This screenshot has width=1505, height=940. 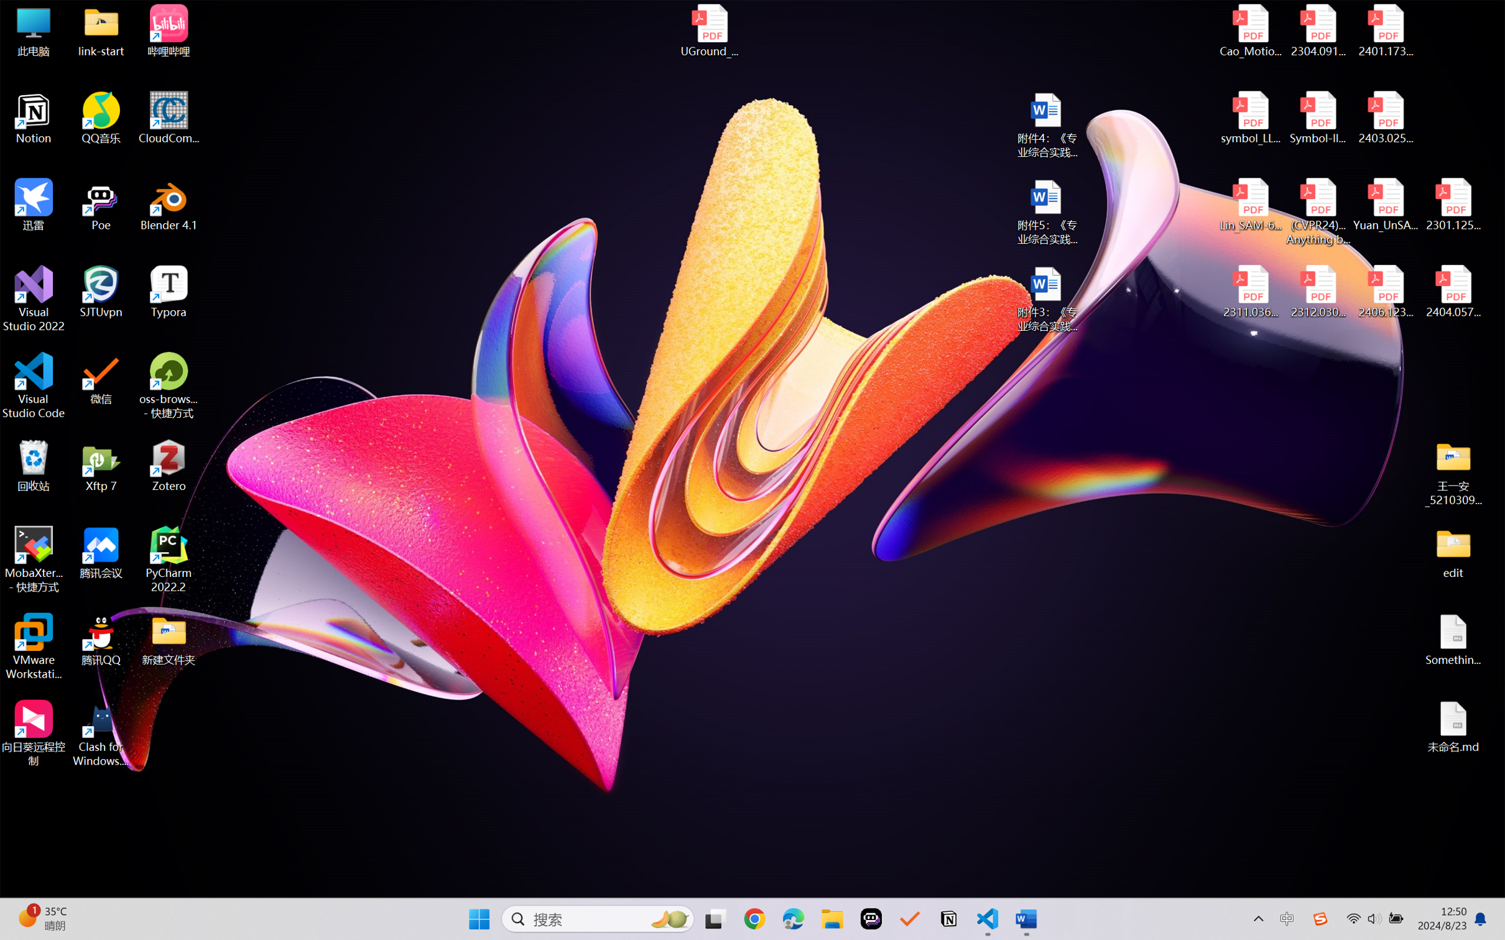 I want to click on '2311.03658v2.pdf', so click(x=1251, y=292).